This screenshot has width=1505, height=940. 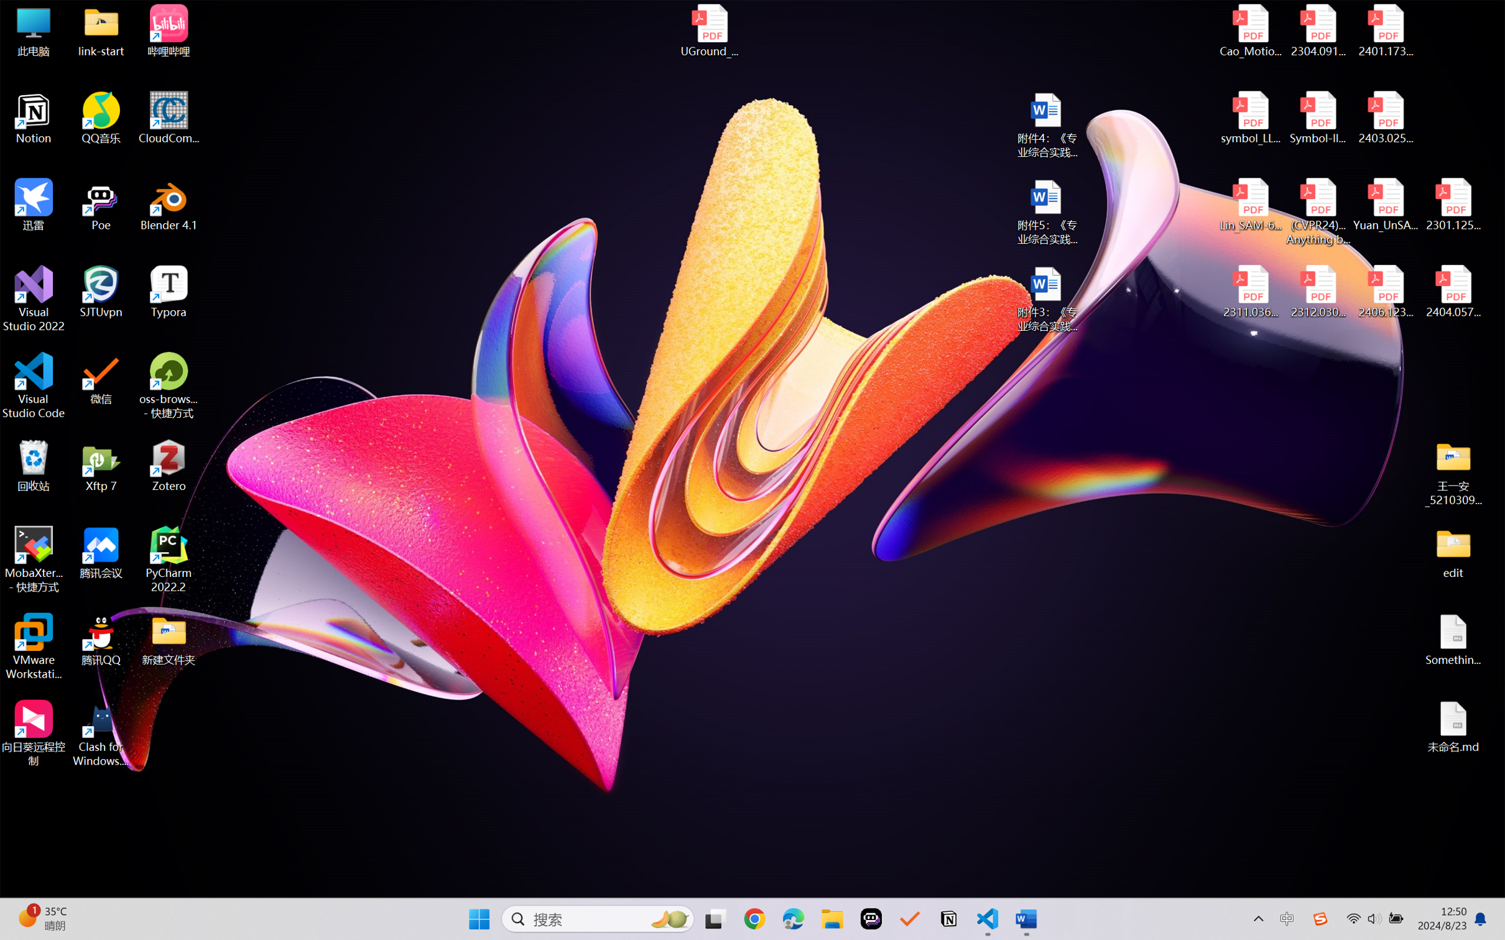 I want to click on '2311.03658v2.pdf', so click(x=1251, y=292).